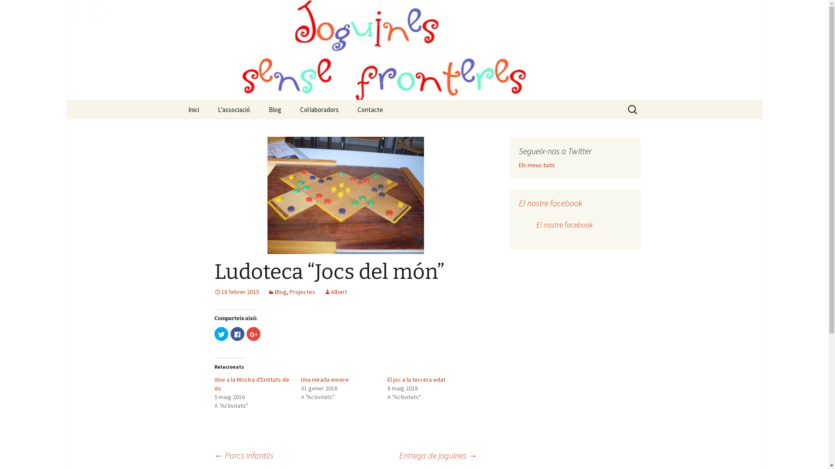 The width and height of the screenshot is (835, 469). I want to click on 'Una mirada enrere', so click(324, 379).